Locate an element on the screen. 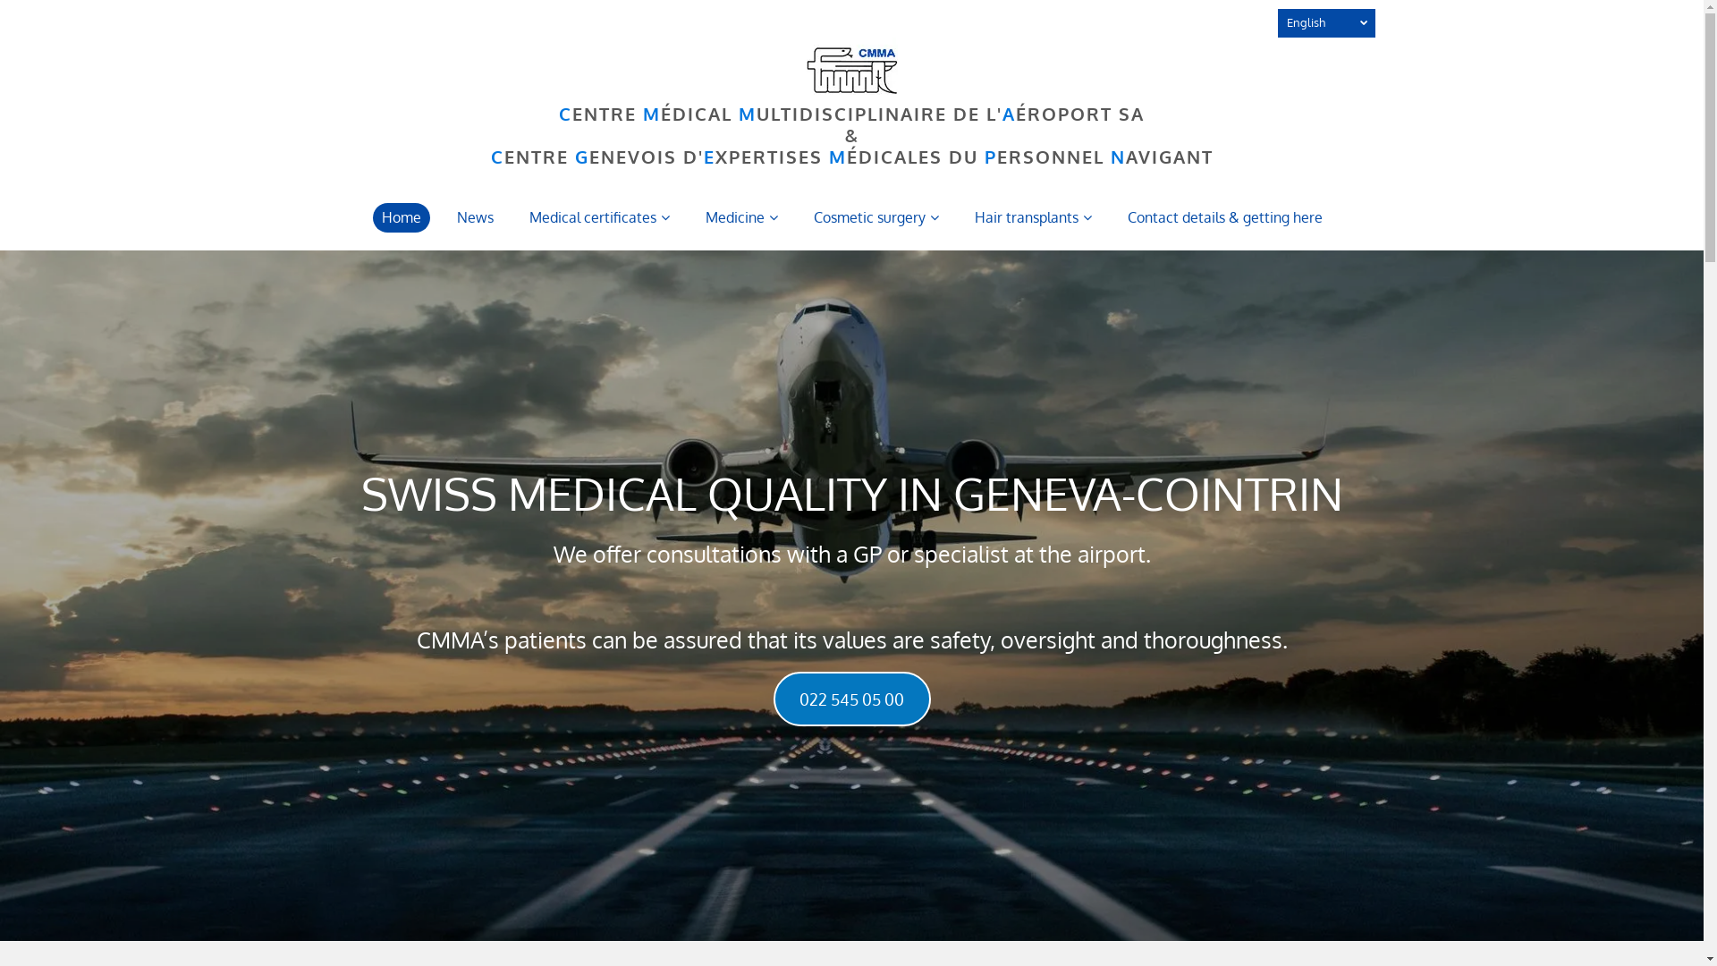  'ENEVOIS D'' is located at coordinates (644, 155).